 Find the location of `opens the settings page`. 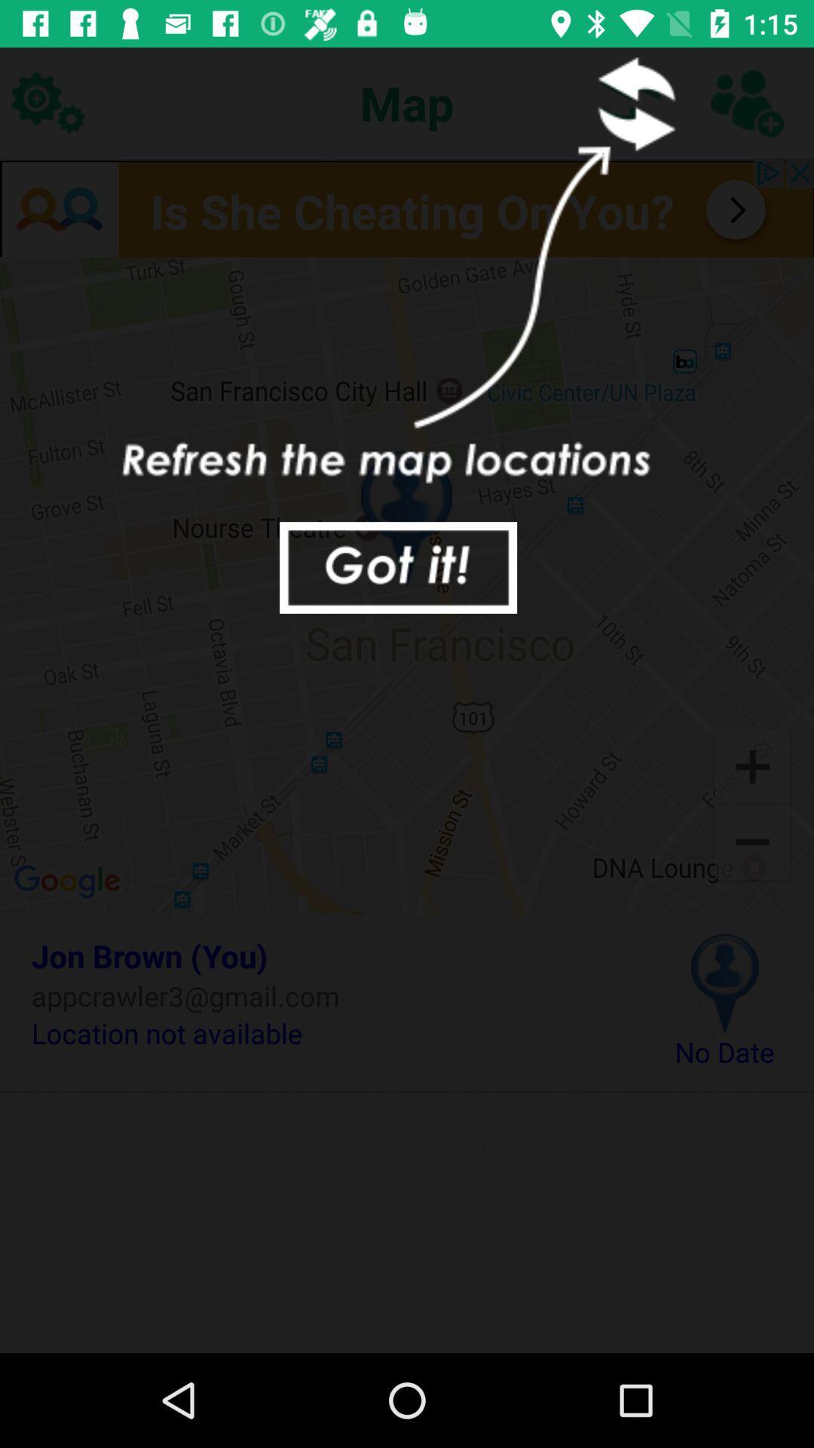

opens the settings page is located at coordinates (46, 102).